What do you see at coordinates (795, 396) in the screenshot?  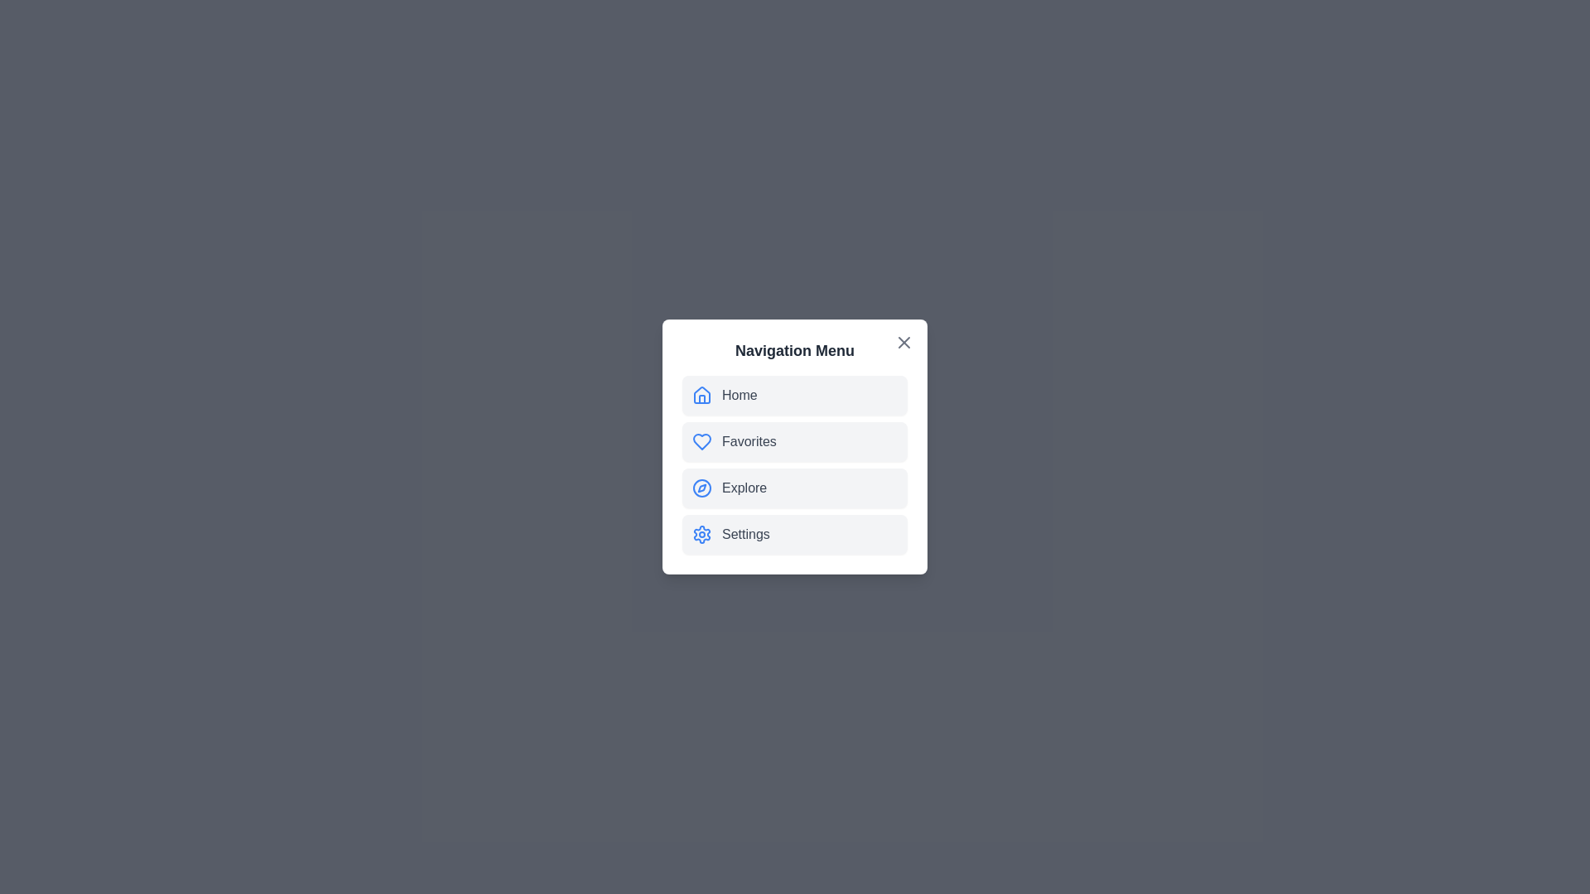 I see `the Home navigation item to select it` at bounding box center [795, 396].